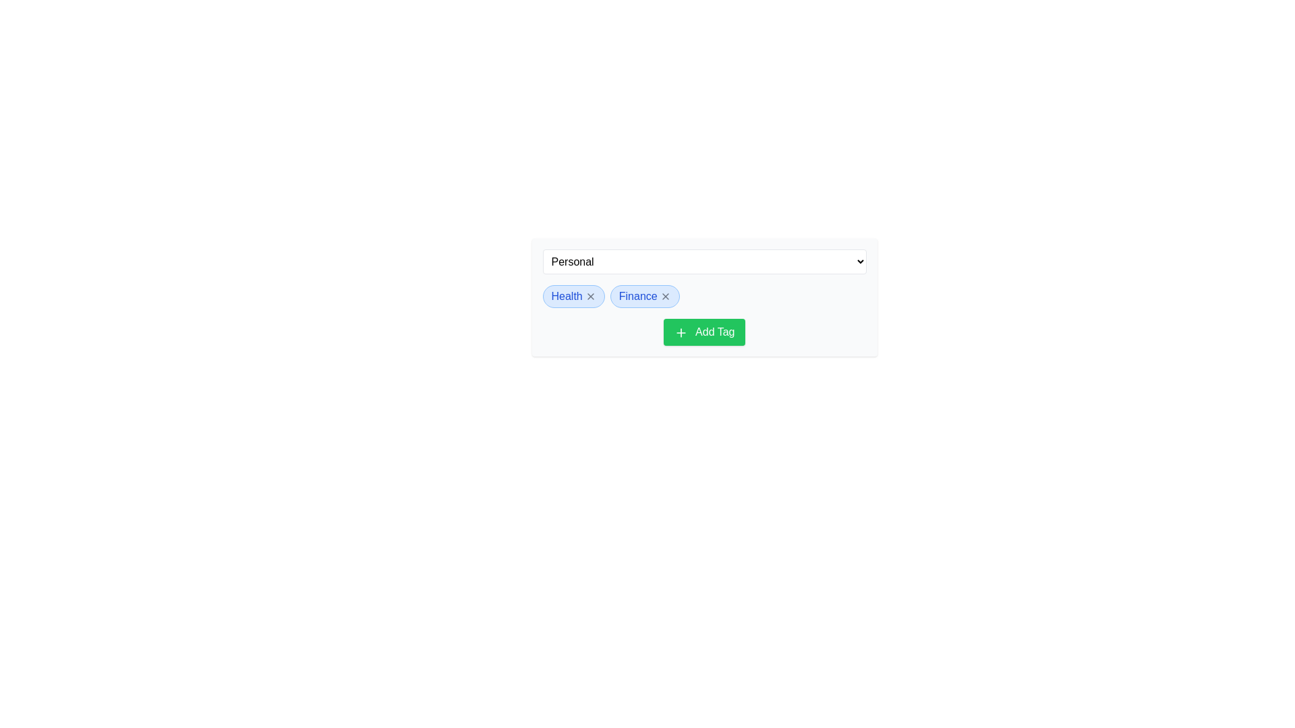 The width and height of the screenshot is (1295, 728). I want to click on the addition icon located to the left of the text inside the green 'Add Tag' button, so click(681, 332).